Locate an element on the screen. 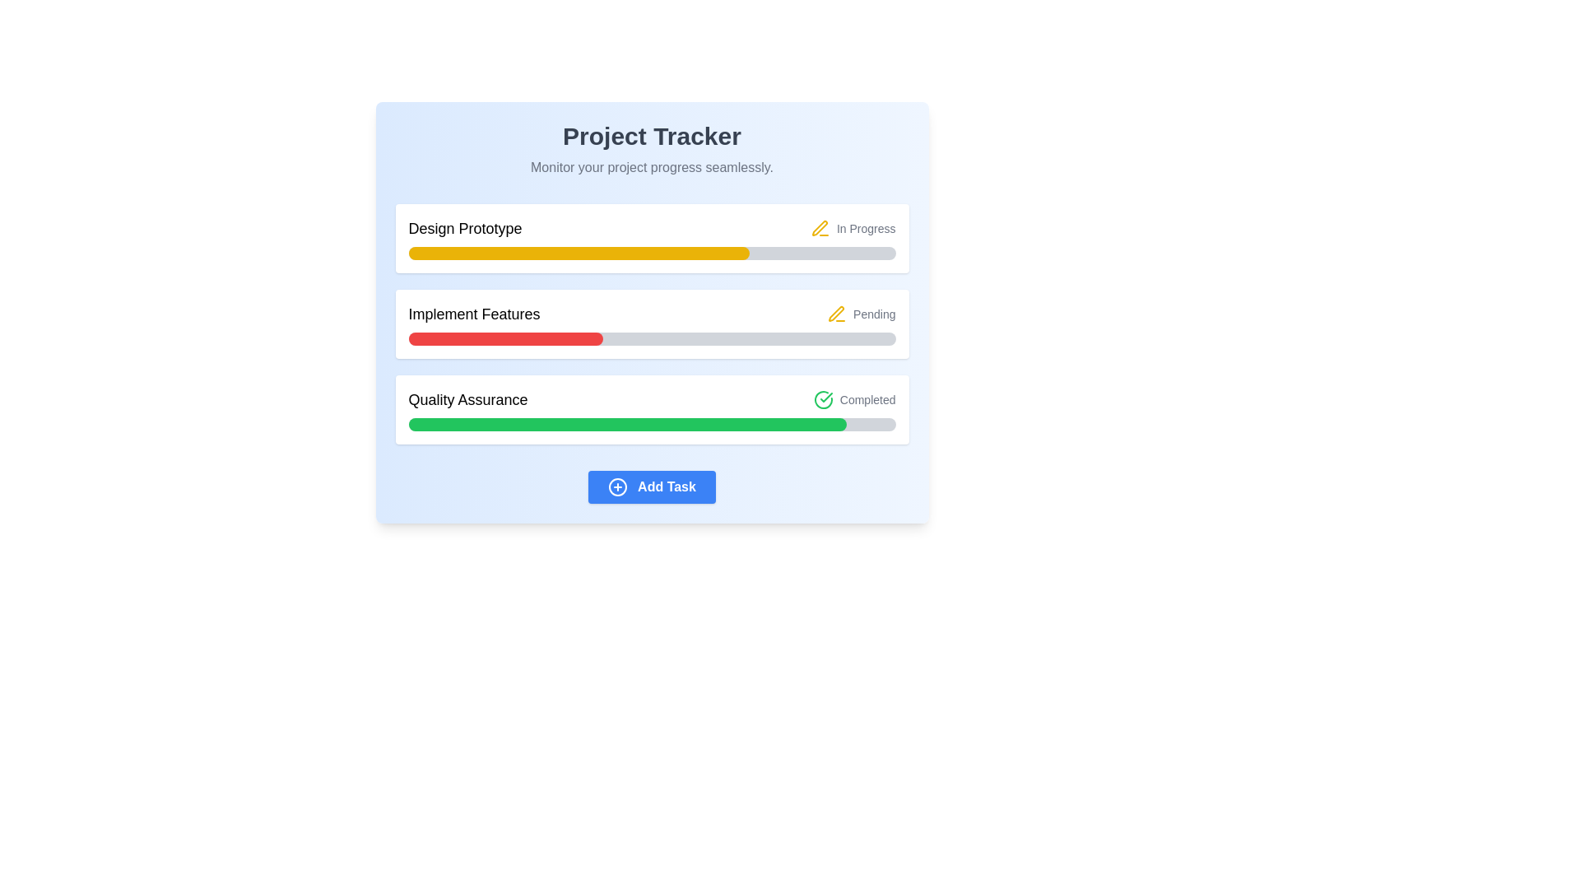 This screenshot has width=1580, height=889. the progress bar representing the 'Implement Features' task, located below its title and status indicator ('Pending') is located at coordinates (651, 338).